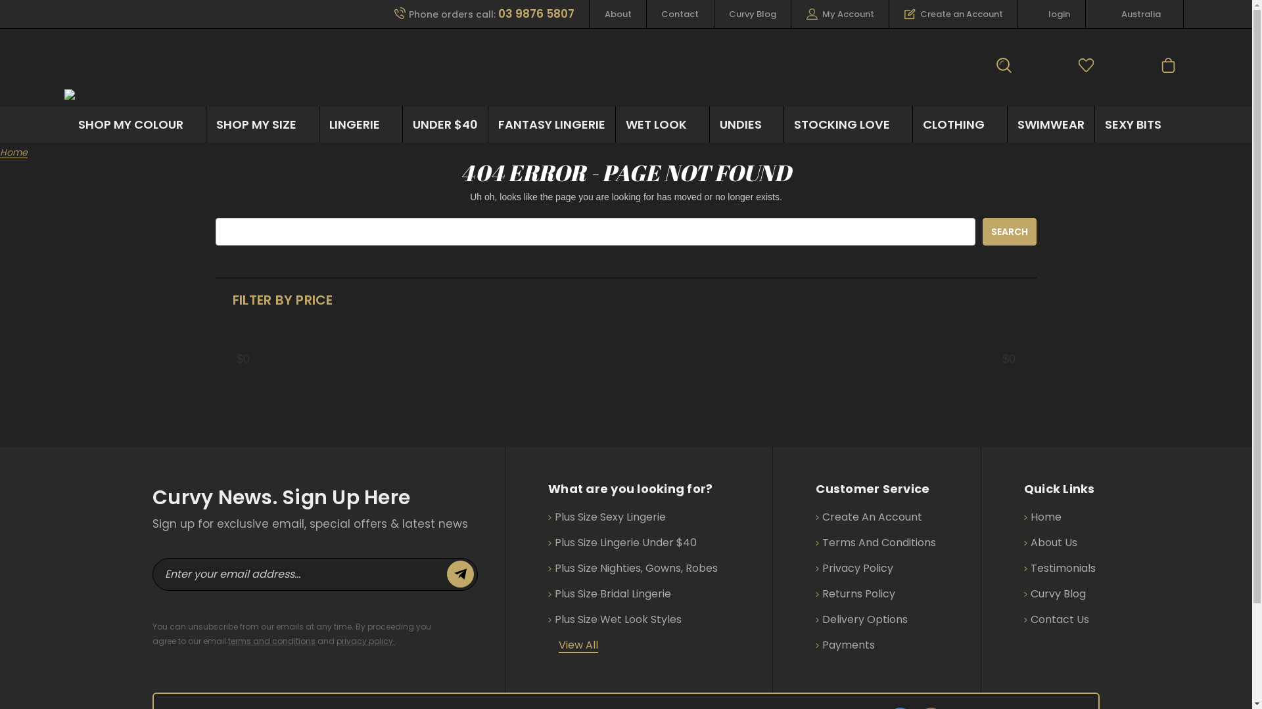  Describe the element at coordinates (1023, 516) in the screenshot. I see `'Home'` at that location.